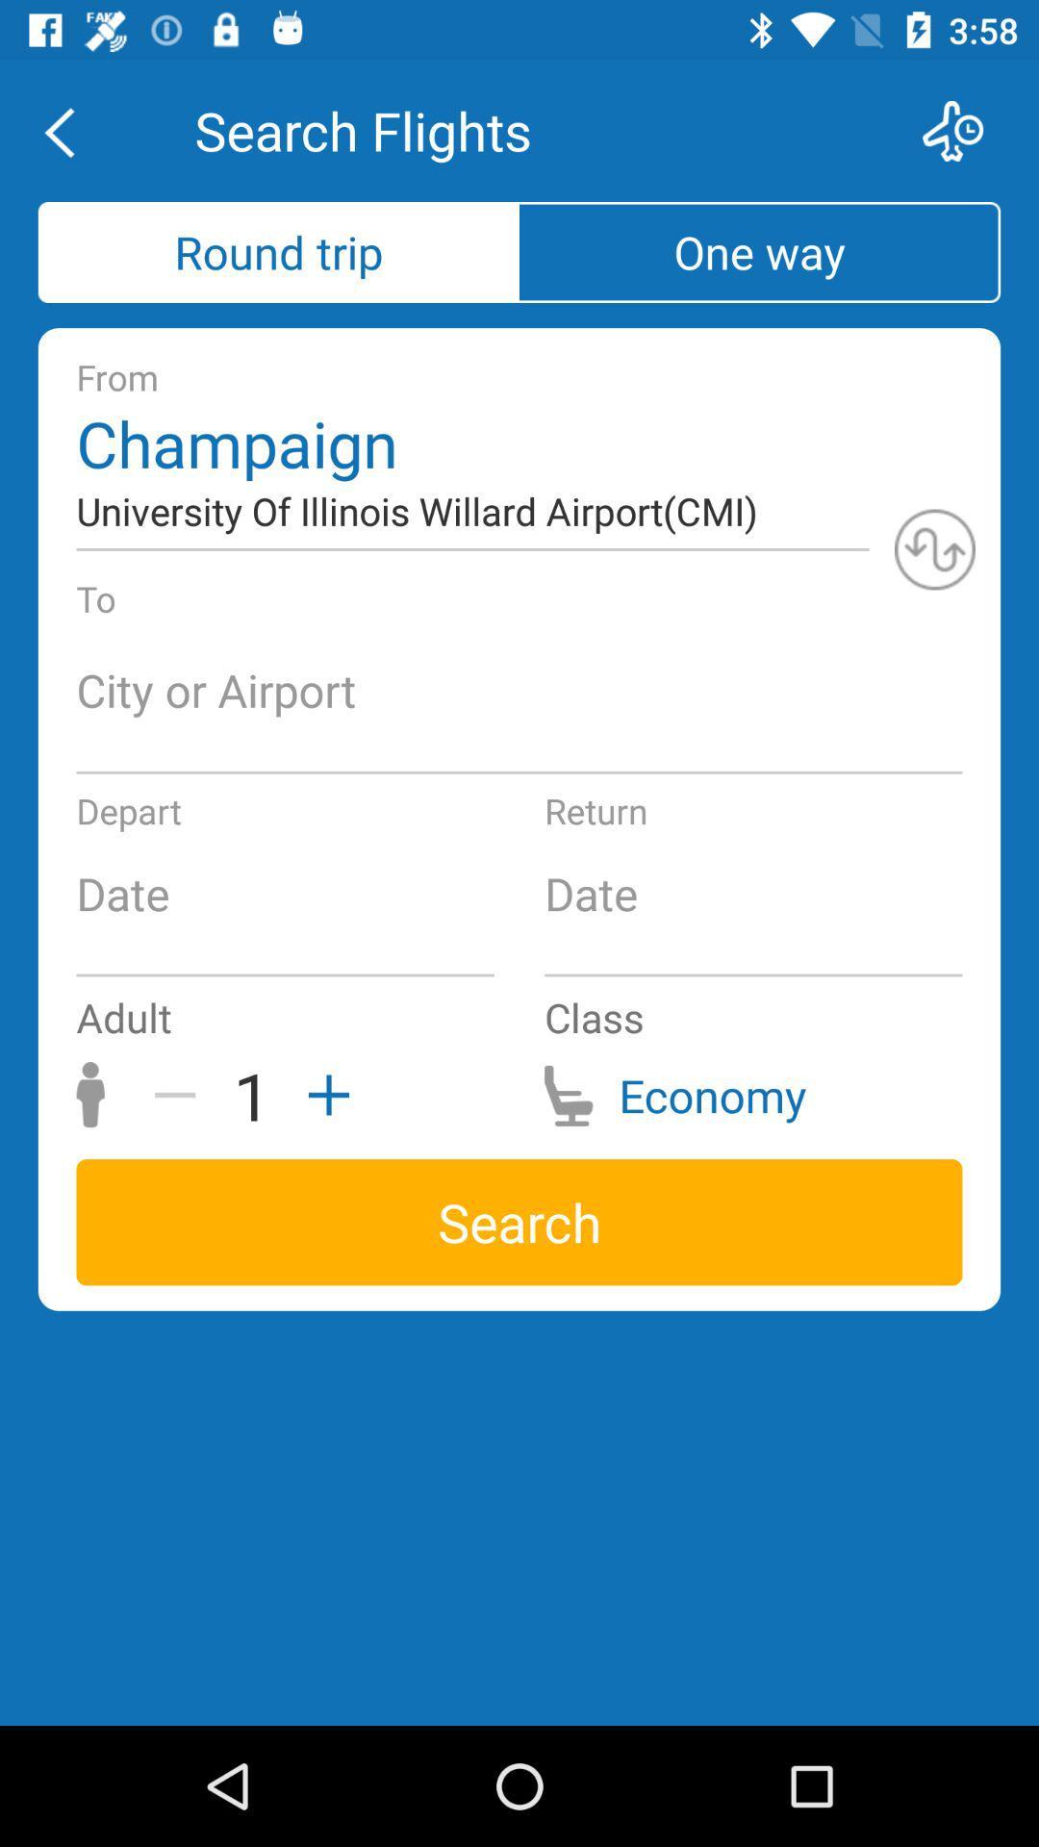 The width and height of the screenshot is (1039, 1847). What do you see at coordinates (182, 1095) in the screenshot?
I see `the minus icon` at bounding box center [182, 1095].